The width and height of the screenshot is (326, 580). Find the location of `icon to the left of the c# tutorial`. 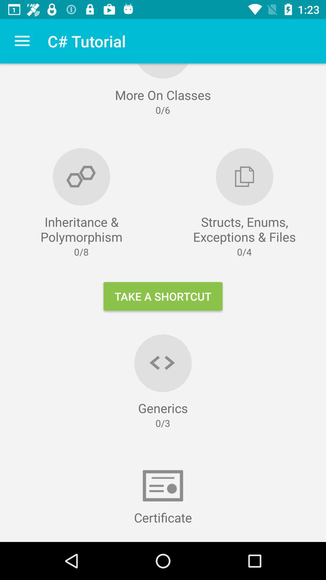

icon to the left of the c# tutorial is located at coordinates (22, 41).